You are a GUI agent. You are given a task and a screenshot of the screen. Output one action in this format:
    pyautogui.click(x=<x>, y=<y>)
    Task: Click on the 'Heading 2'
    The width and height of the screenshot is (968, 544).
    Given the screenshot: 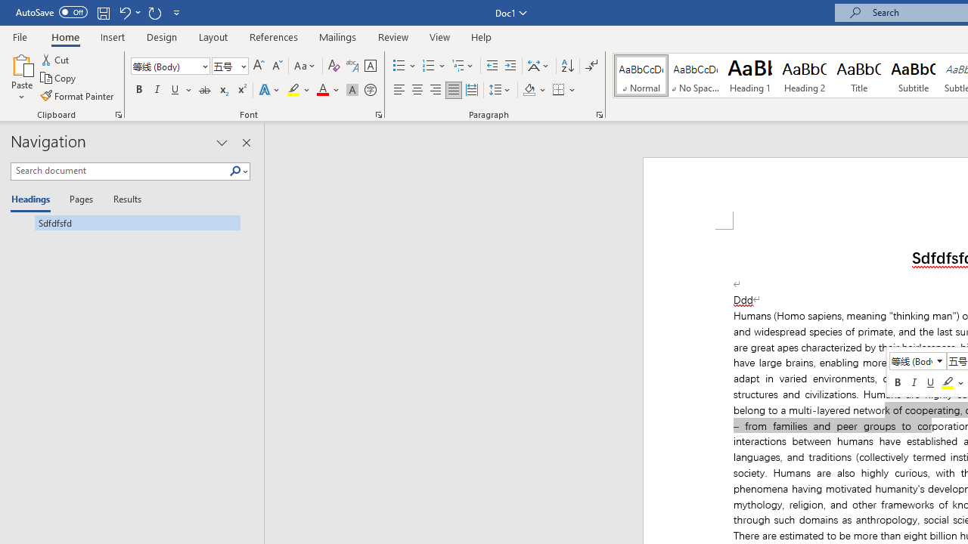 What is the action you would take?
    pyautogui.click(x=803, y=76)
    